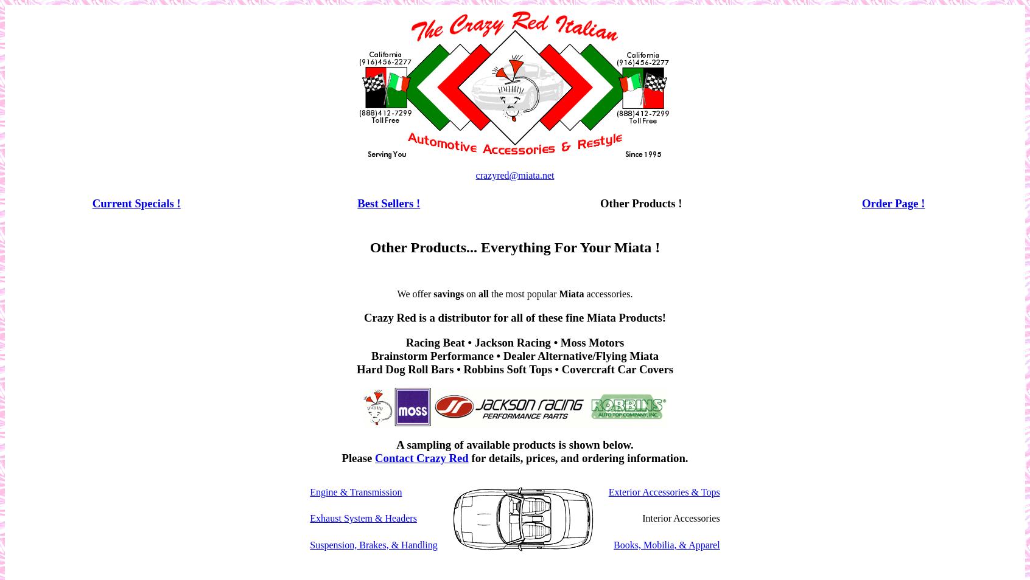 The image size is (1030, 580). Describe the element at coordinates (448, 293) in the screenshot. I see `'savings'` at that location.